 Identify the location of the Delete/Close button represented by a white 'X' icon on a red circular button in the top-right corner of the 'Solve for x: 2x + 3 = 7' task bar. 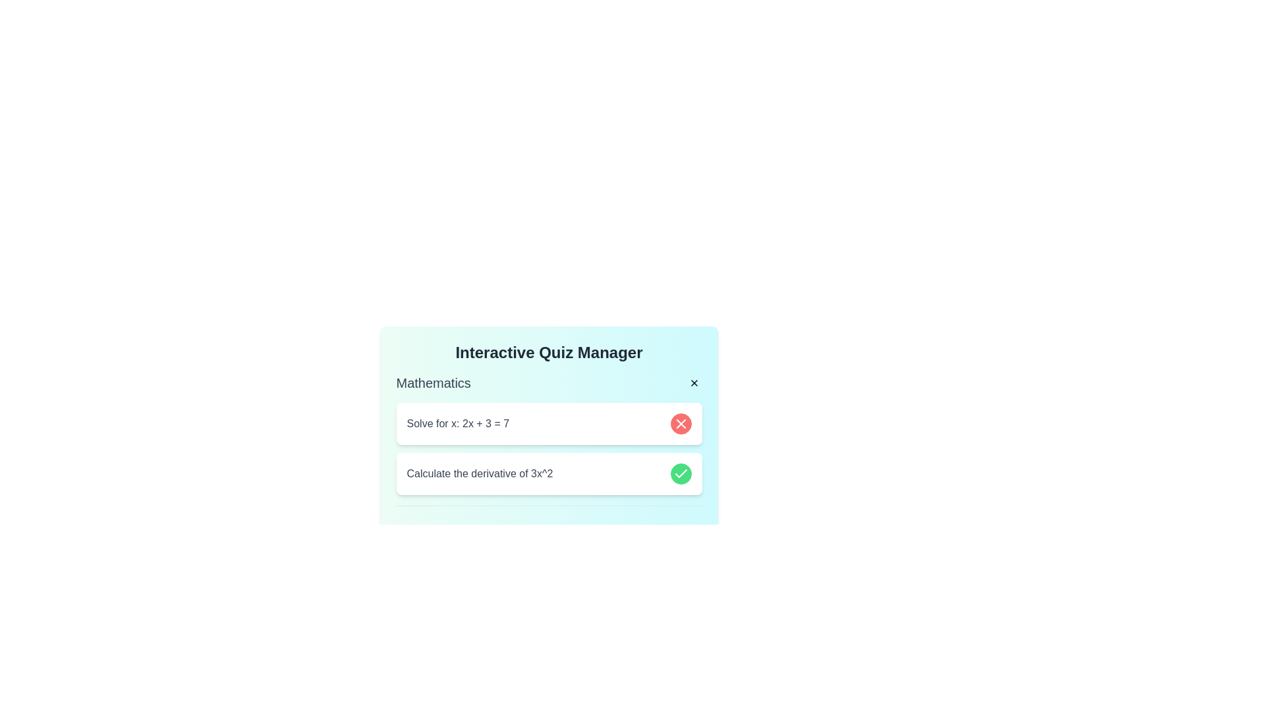
(681, 424).